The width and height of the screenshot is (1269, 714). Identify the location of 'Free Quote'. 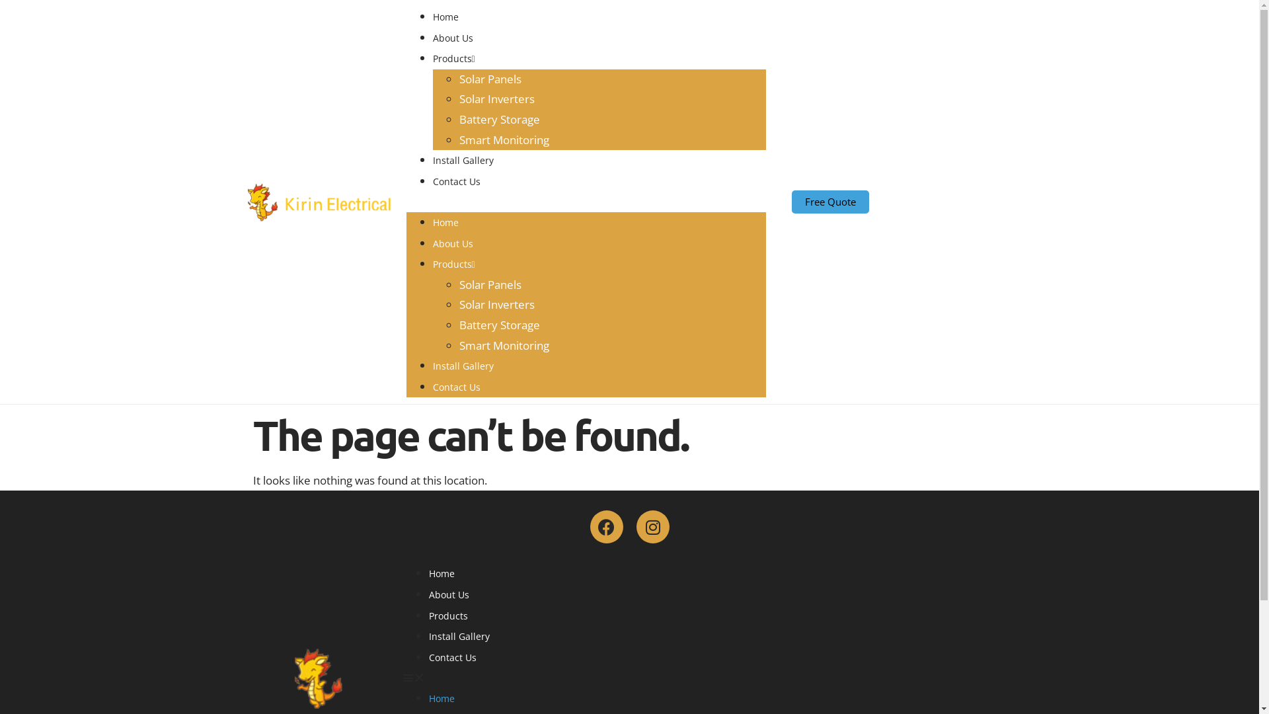
(829, 202).